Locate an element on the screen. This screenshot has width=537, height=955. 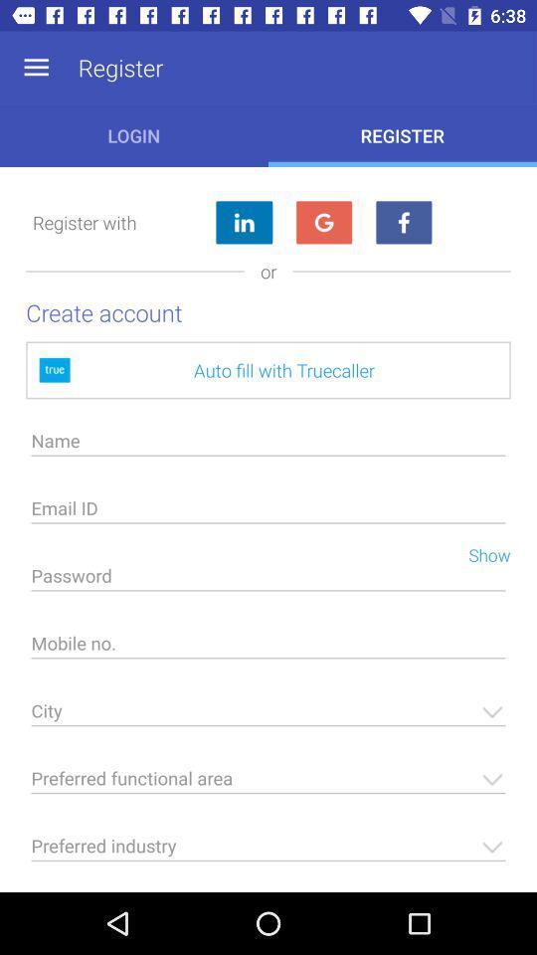
name is located at coordinates (268, 446).